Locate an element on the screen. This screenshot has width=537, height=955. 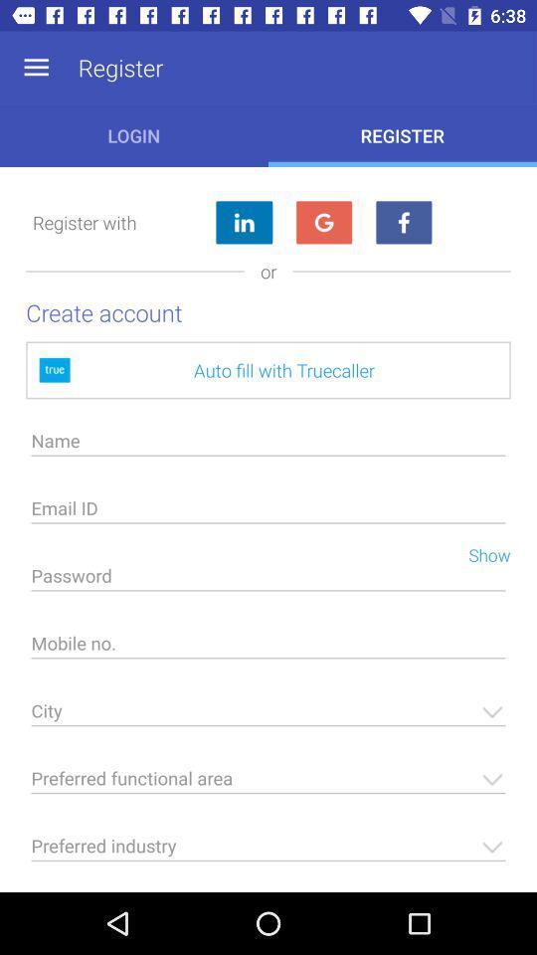
name is located at coordinates (268, 446).